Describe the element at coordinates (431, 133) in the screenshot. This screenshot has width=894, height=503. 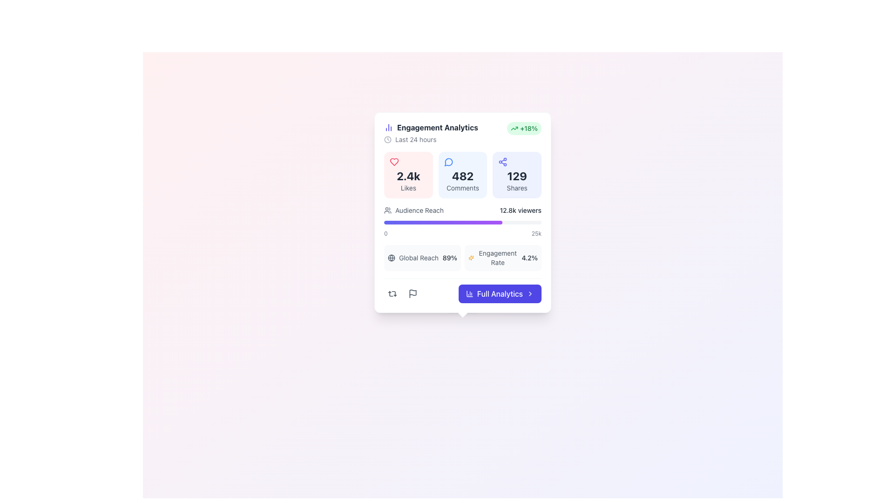
I see `the main heading text 'Engagement Analytics'` at that location.